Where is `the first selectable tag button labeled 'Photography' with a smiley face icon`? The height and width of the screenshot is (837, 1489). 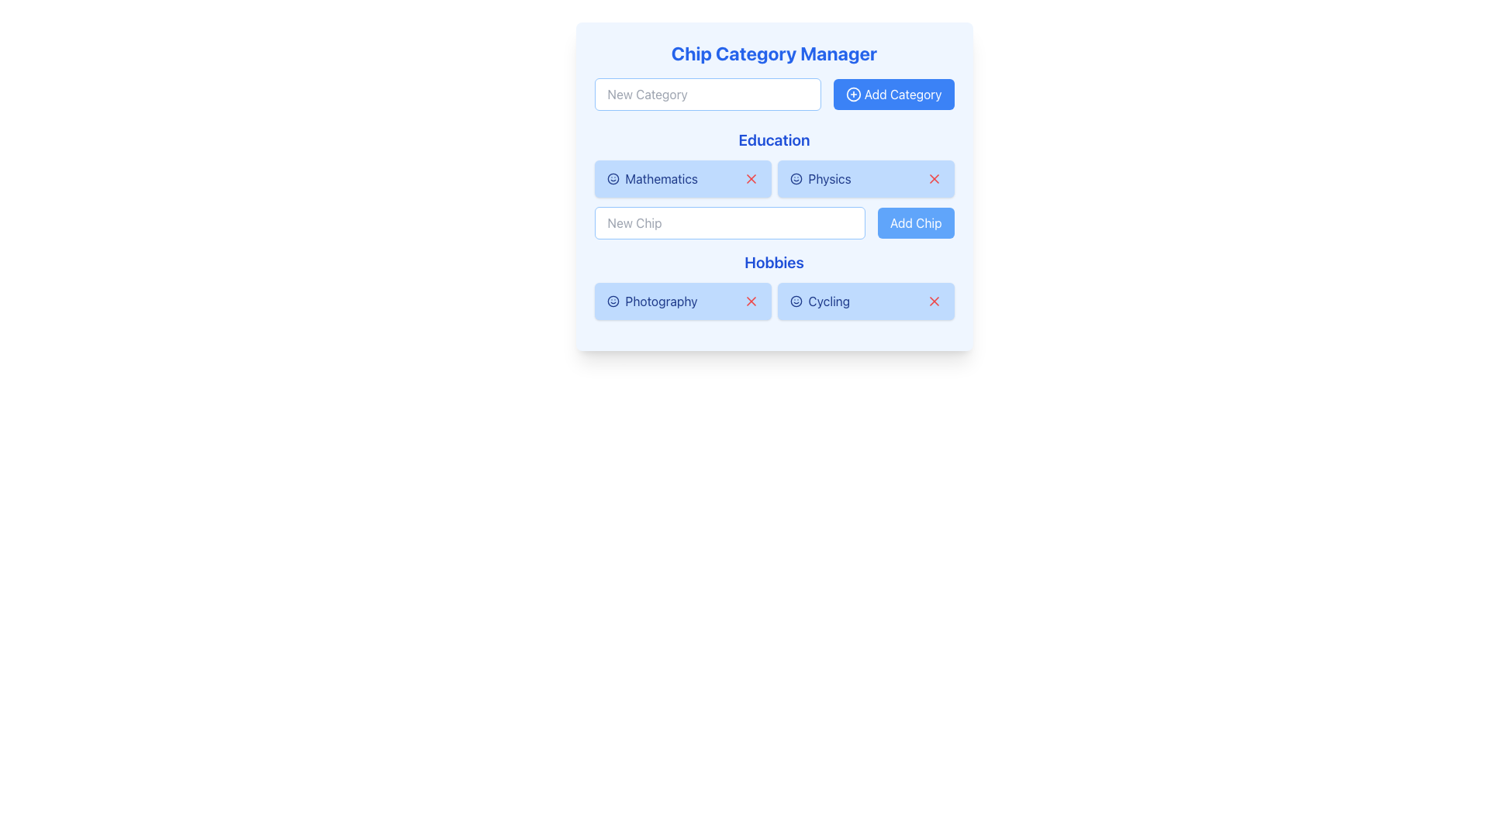 the first selectable tag button labeled 'Photography' with a smiley face icon is located at coordinates (682, 301).